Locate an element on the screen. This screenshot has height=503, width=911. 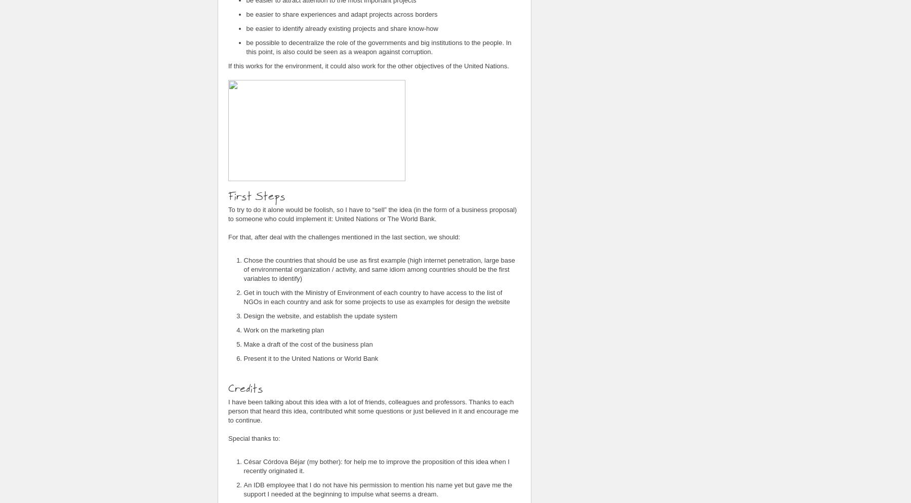
'Present it to the United Nations or World Bank' is located at coordinates (310, 357).